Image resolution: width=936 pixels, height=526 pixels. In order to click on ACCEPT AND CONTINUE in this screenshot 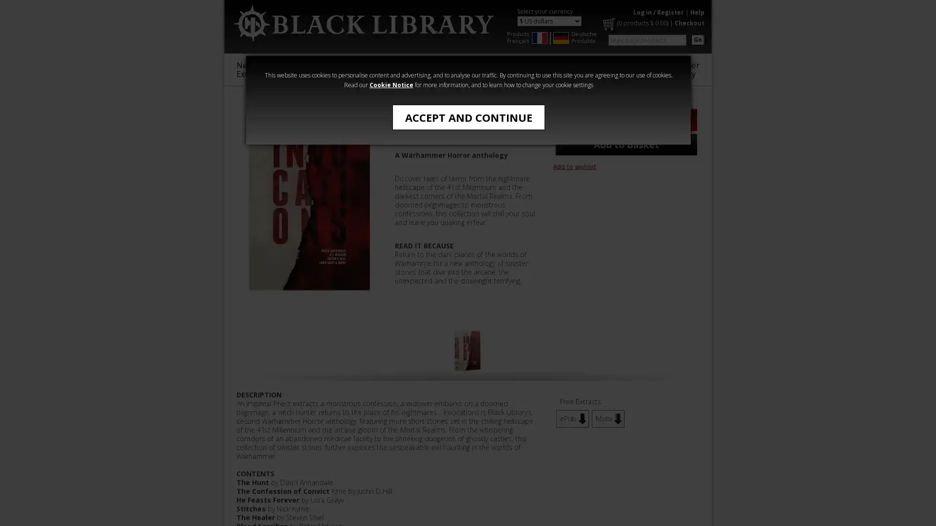, I will do `click(468, 116)`.